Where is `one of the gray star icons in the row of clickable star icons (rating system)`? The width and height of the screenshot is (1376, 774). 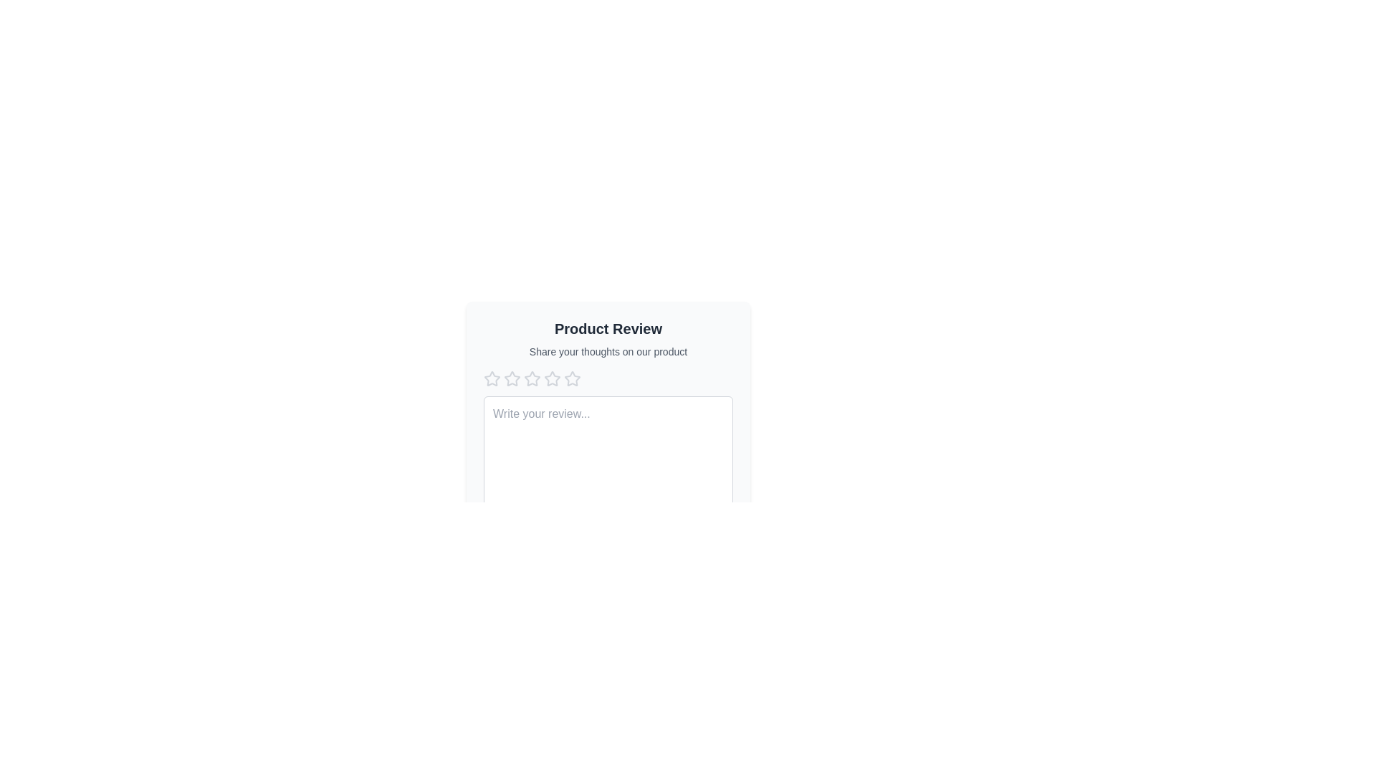 one of the gray star icons in the row of clickable star icons (rating system) is located at coordinates (608, 378).